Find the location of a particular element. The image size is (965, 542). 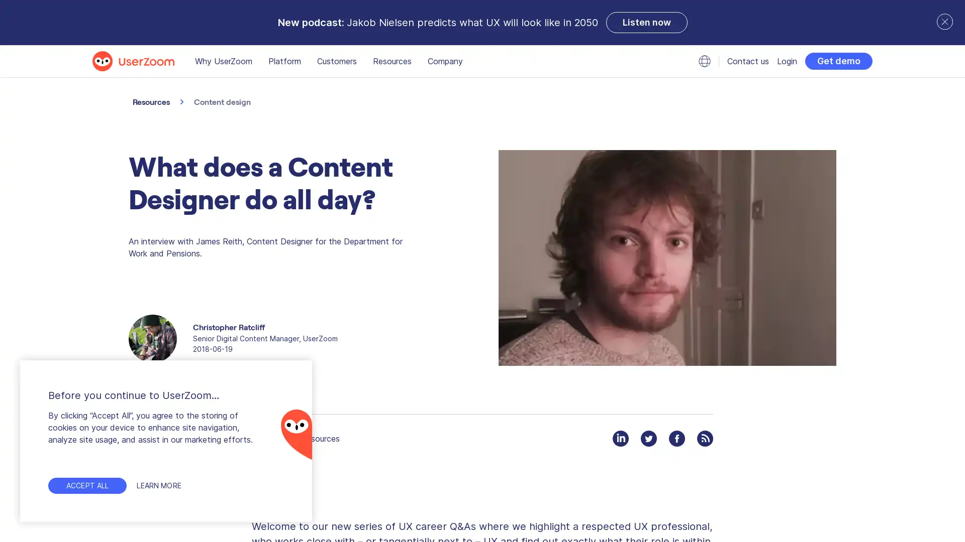

Why UserZoom is located at coordinates (223, 61).